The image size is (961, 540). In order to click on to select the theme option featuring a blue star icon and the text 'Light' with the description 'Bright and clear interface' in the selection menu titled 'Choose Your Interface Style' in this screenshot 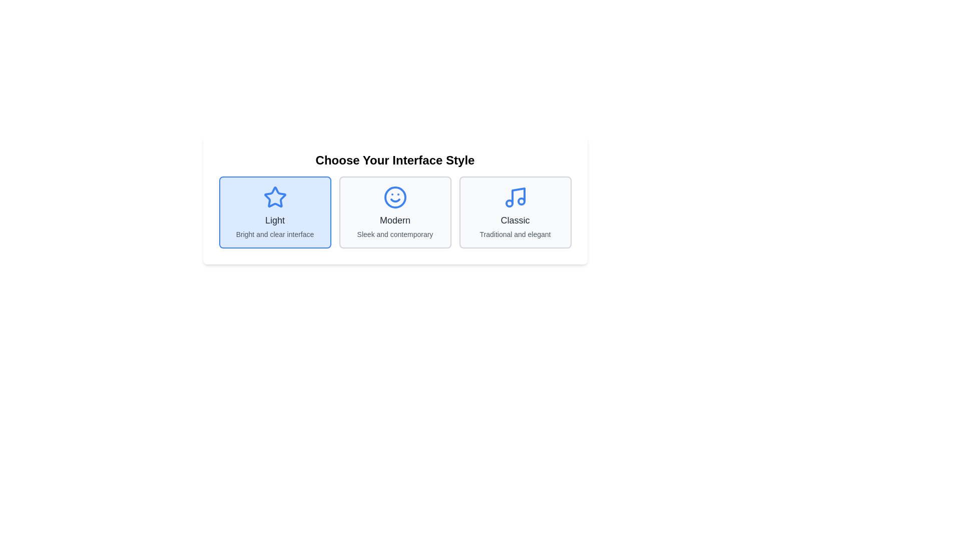, I will do `click(275, 211)`.